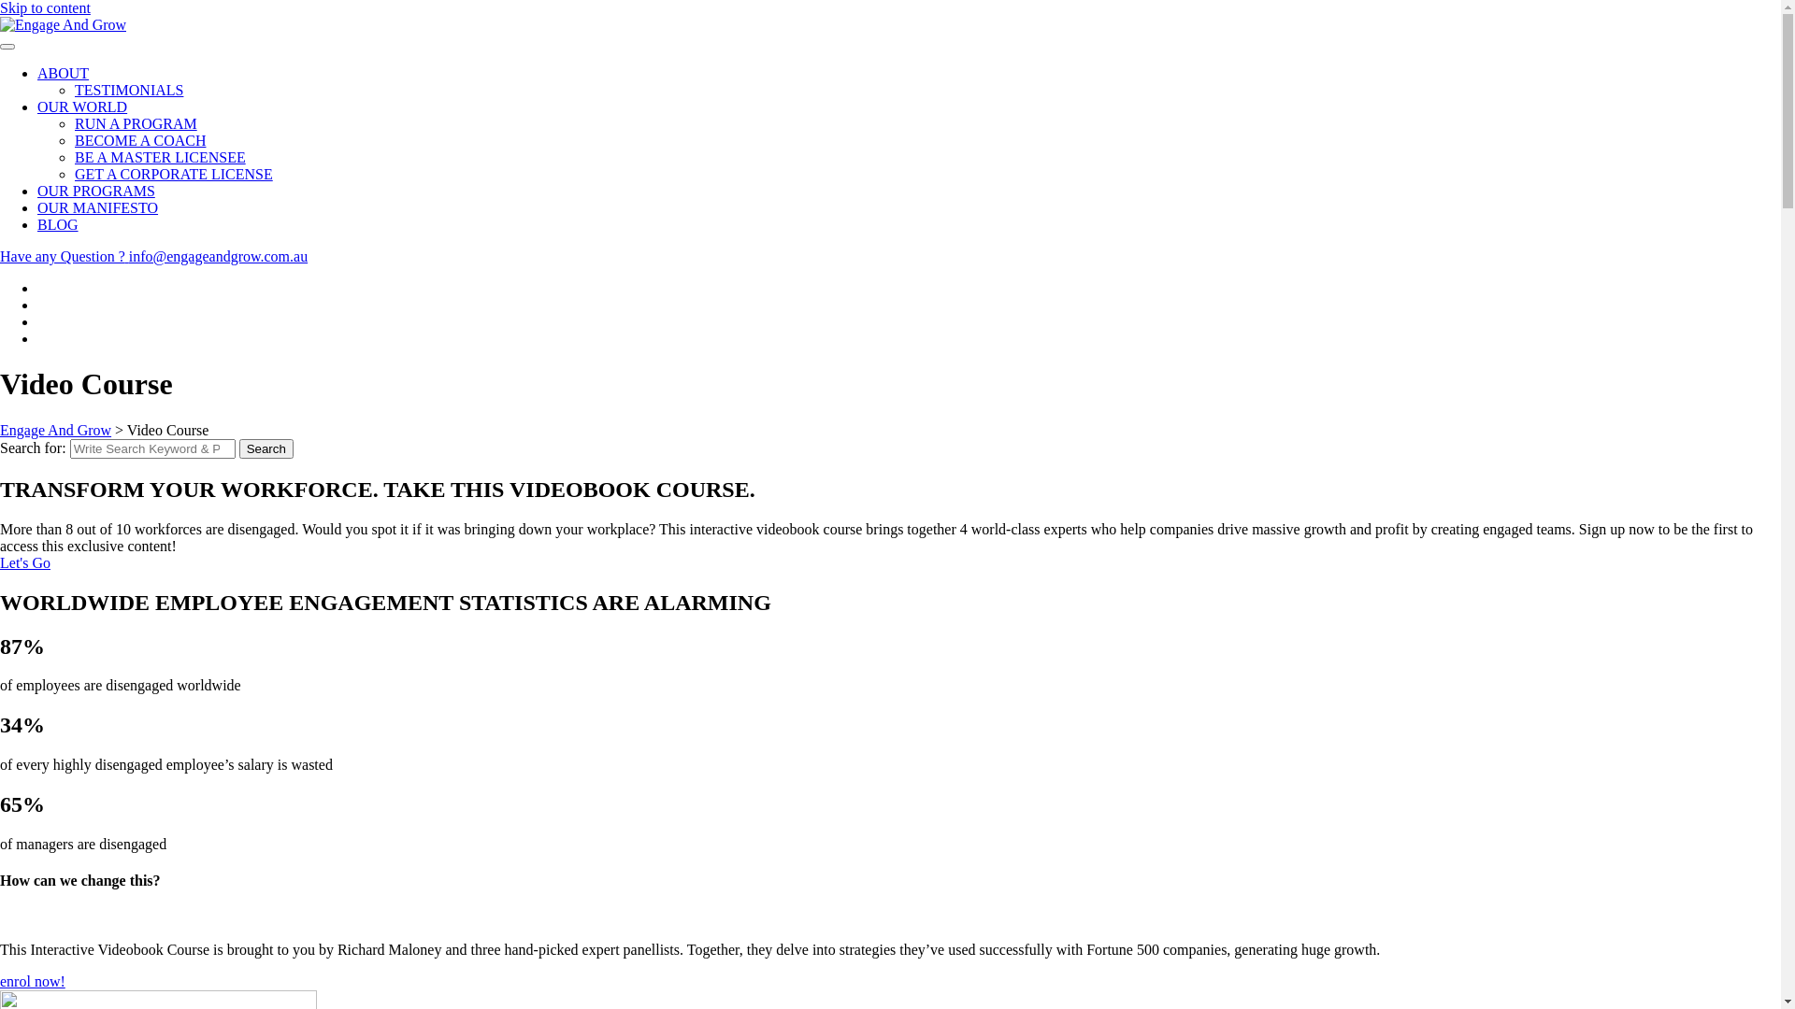 The image size is (1795, 1009). I want to click on 'OUR MANIFESTO', so click(36, 207).